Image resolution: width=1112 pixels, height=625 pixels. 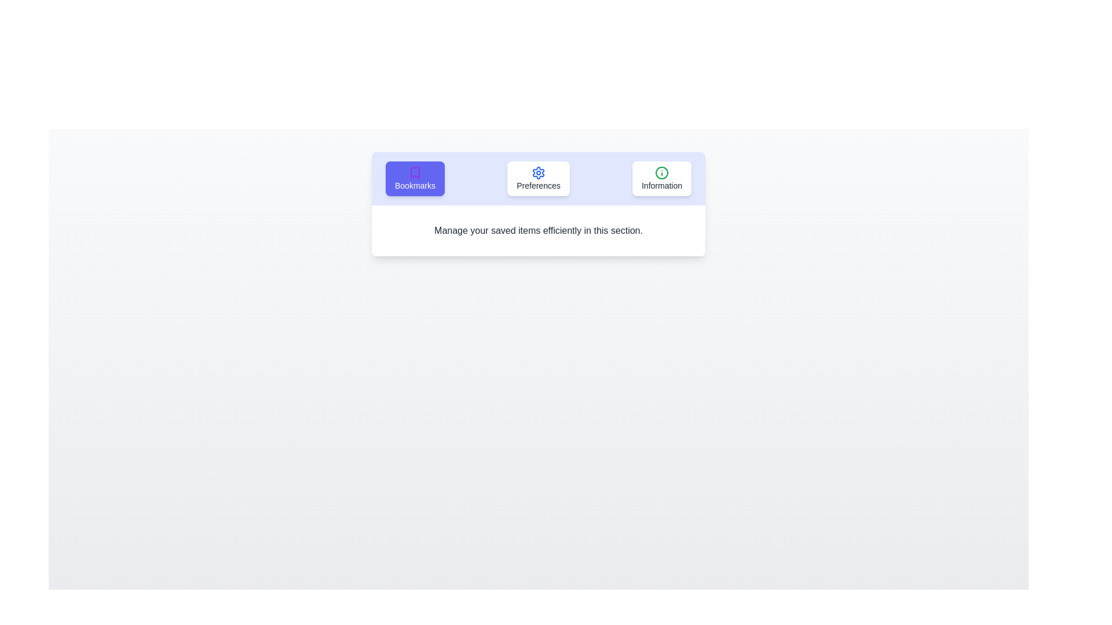 I want to click on the tab labeled Information, so click(x=661, y=178).